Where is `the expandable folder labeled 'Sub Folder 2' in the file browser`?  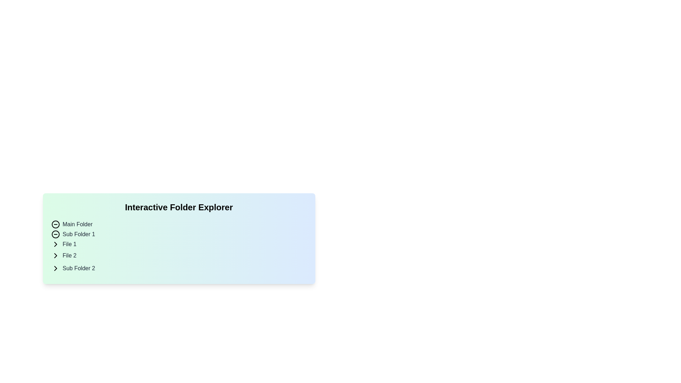 the expandable folder labeled 'Sub Folder 2' in the file browser is located at coordinates (179, 268).